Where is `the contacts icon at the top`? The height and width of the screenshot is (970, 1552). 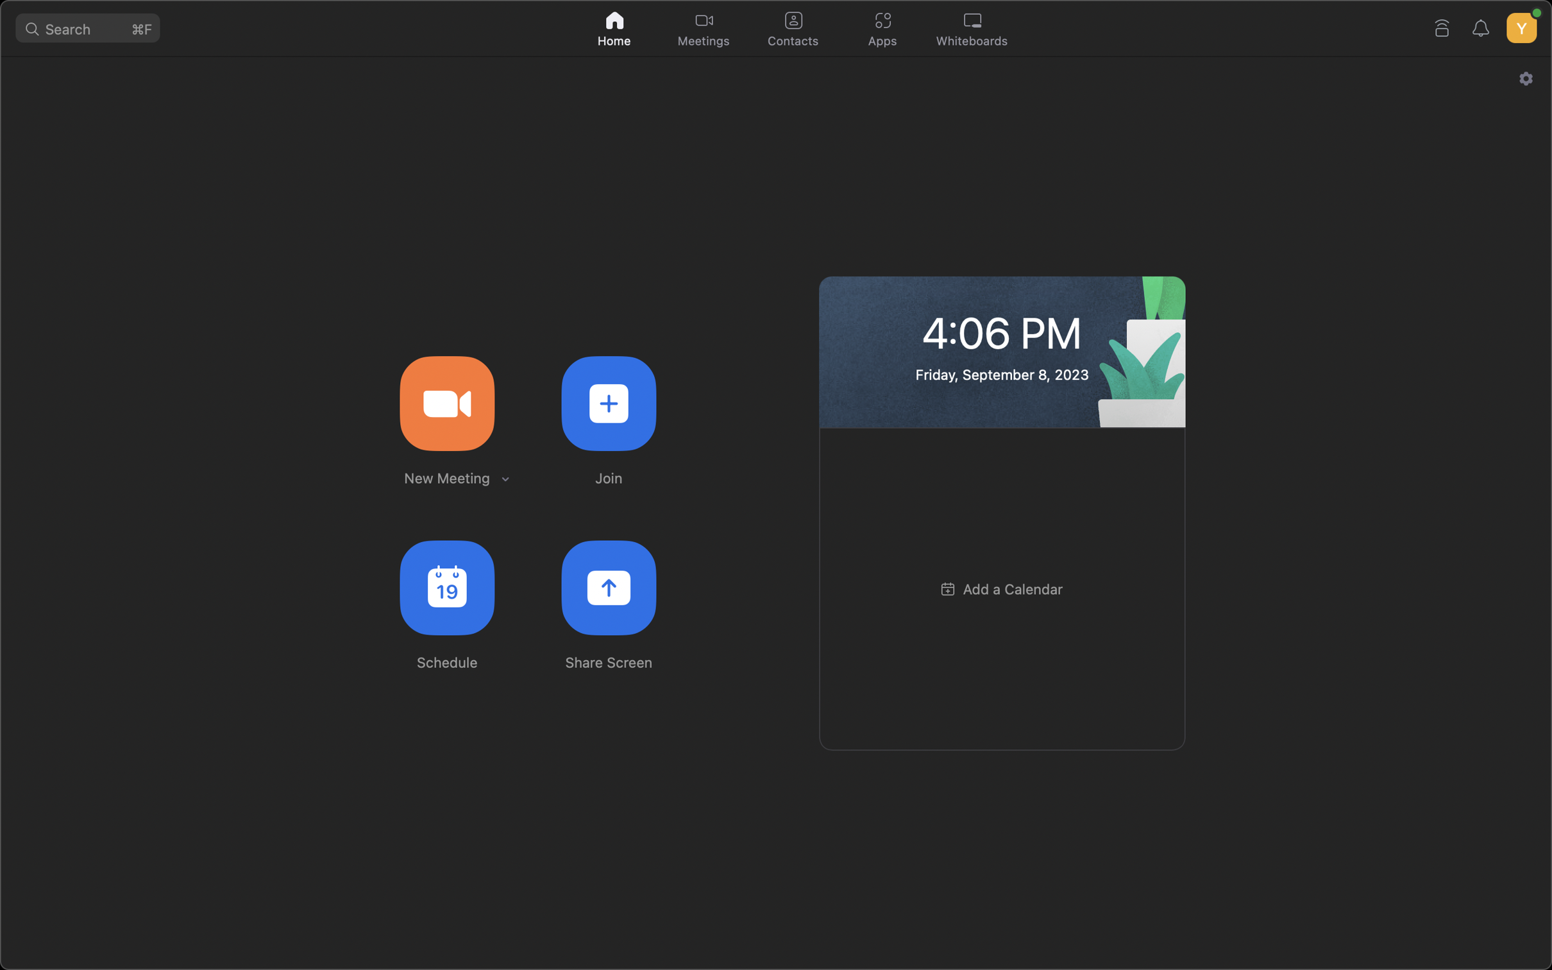
the contacts icon at the top is located at coordinates (791, 26).